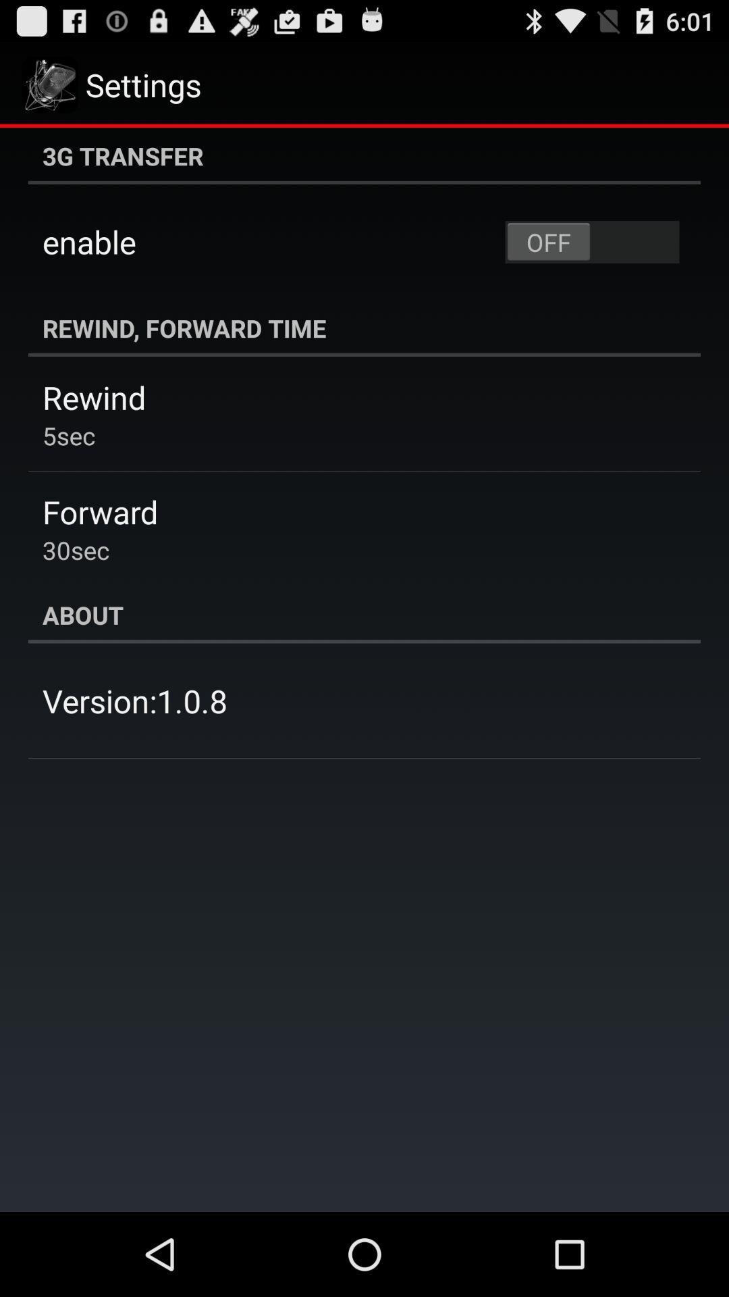 Image resolution: width=729 pixels, height=1297 pixels. I want to click on about app, so click(364, 614).